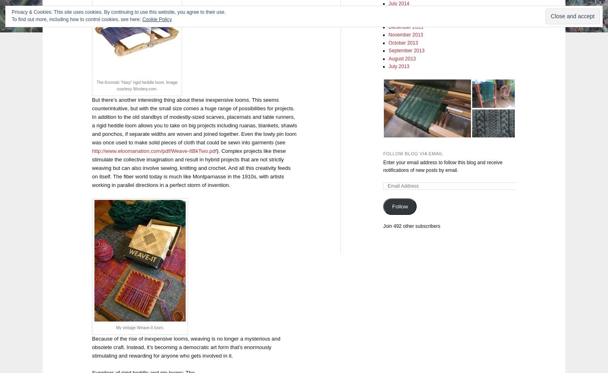 The image size is (608, 373). Describe the element at coordinates (136, 85) in the screenshot. I see `'The Kromski “Harp” rigid heddle loom. Image courtesy Woolery.com.'` at that location.